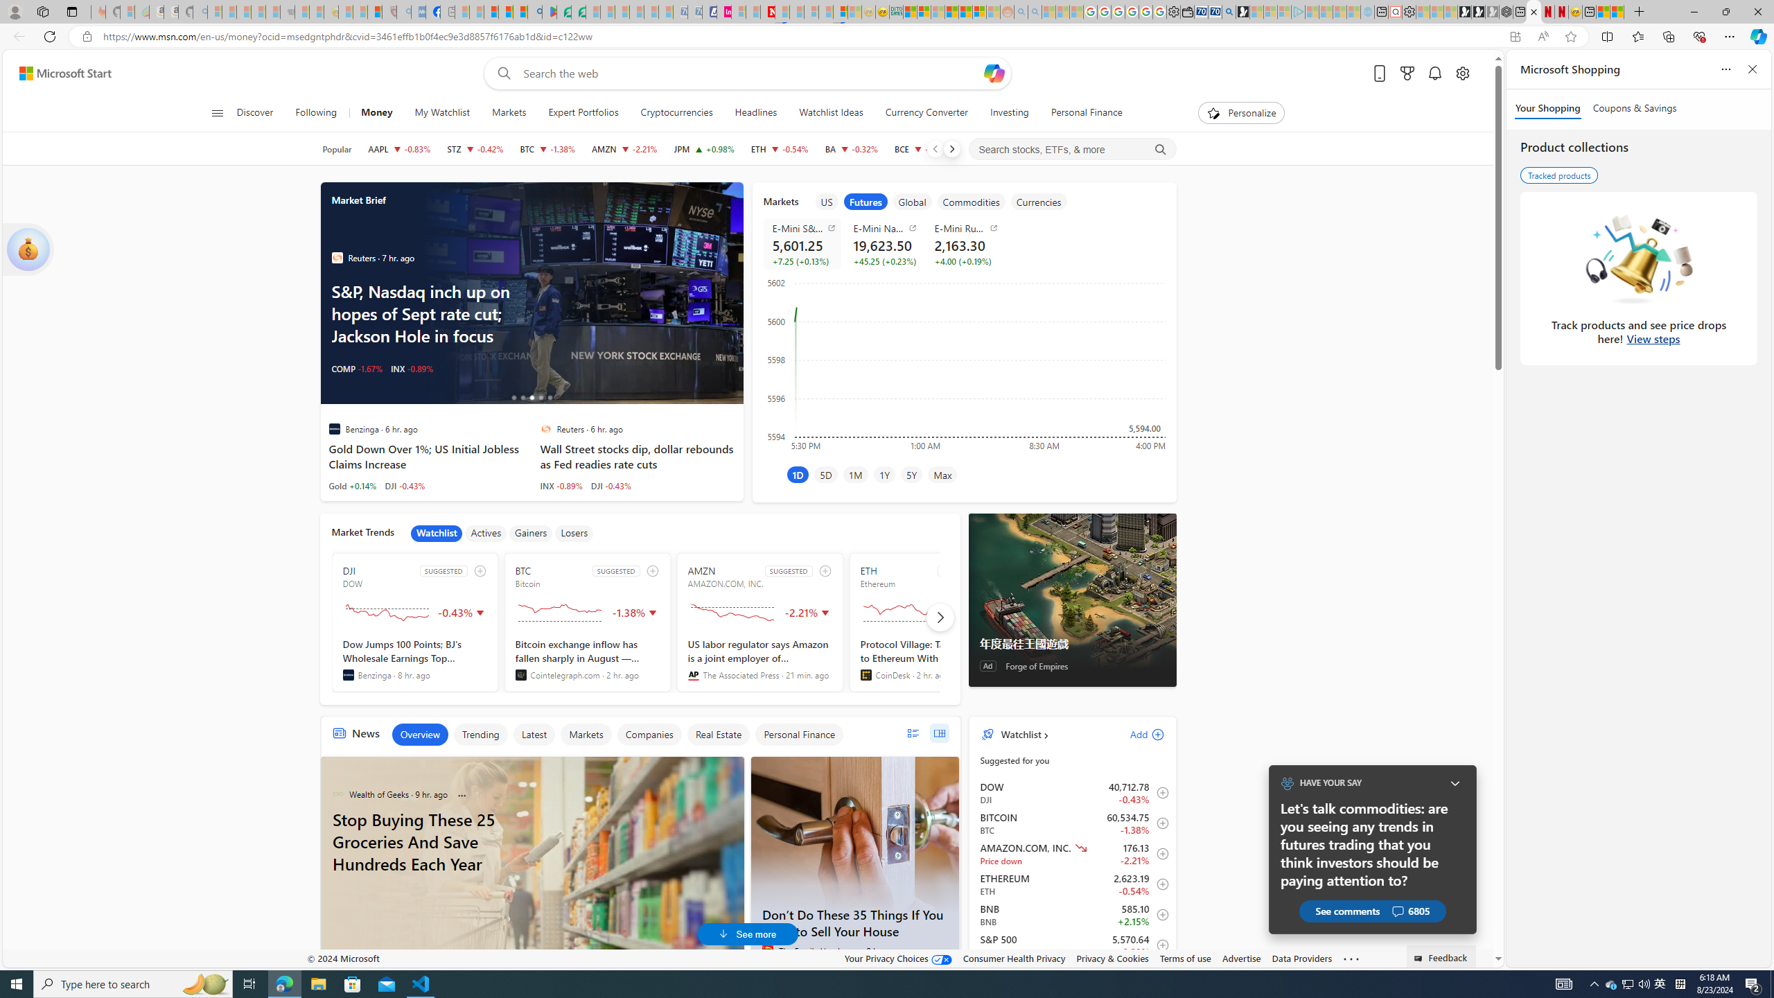  What do you see at coordinates (830, 112) in the screenshot?
I see `'Watchlist Ideas'` at bounding box center [830, 112].